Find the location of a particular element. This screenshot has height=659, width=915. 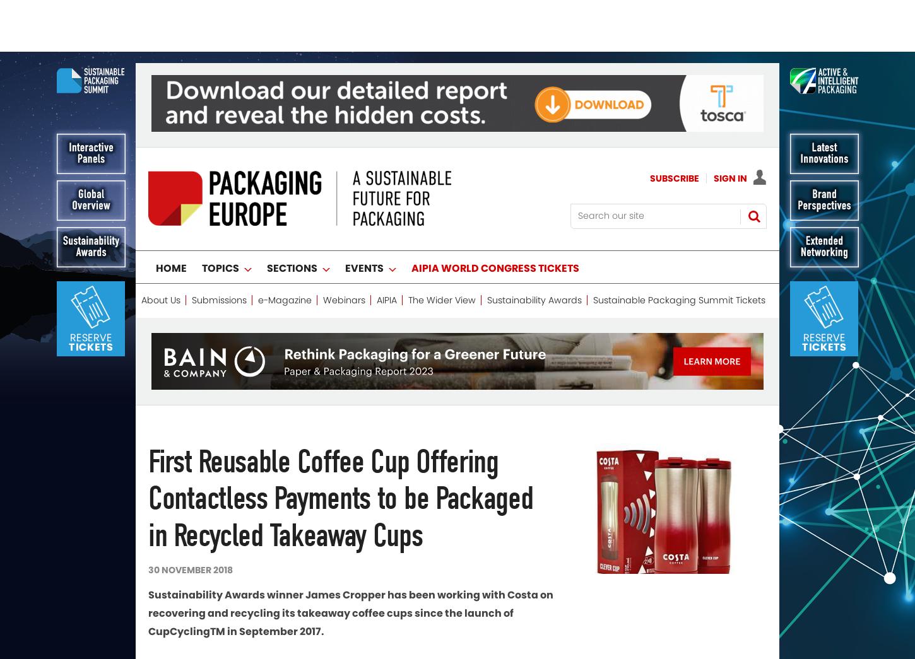

'Submissions' is located at coordinates (219, 247).